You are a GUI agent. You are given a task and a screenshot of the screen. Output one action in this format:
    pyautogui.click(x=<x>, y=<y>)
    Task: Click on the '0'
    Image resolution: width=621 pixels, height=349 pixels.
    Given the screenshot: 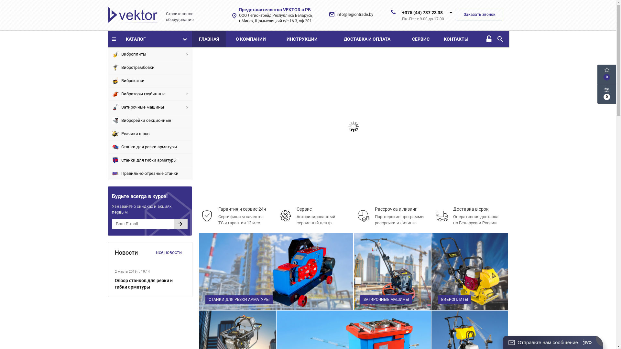 What is the action you would take?
    pyautogui.click(x=597, y=94)
    